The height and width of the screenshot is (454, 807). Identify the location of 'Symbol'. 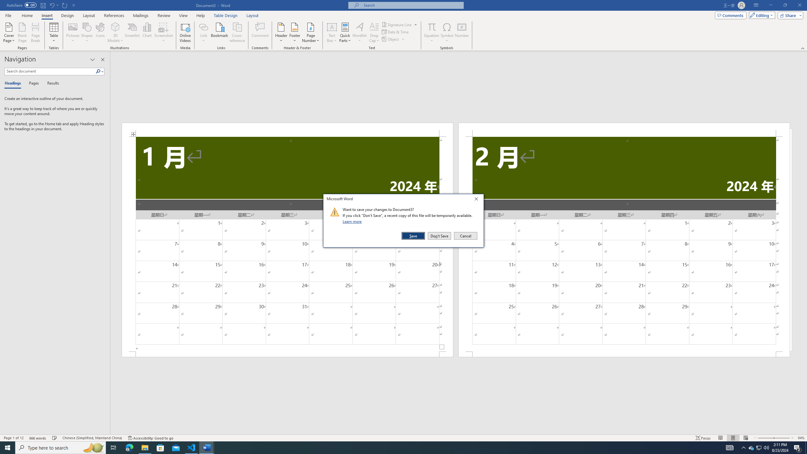
(447, 32).